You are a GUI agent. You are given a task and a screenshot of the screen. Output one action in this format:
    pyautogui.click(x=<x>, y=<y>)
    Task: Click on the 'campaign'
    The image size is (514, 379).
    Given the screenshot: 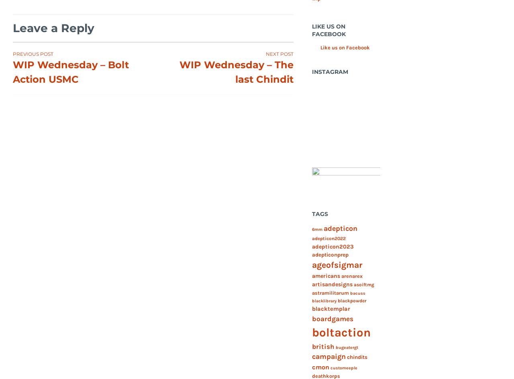 What is the action you would take?
    pyautogui.click(x=311, y=356)
    